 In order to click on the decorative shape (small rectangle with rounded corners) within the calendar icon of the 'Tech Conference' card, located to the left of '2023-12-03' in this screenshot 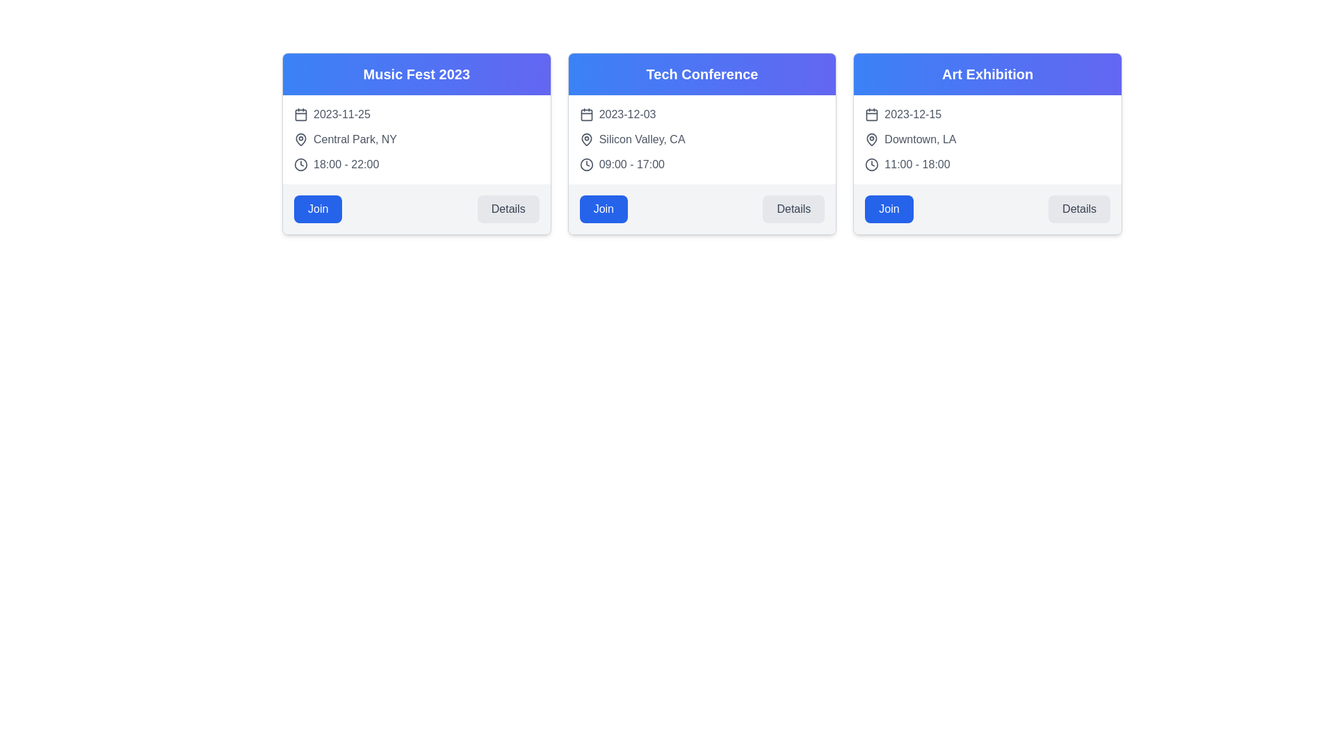, I will do `click(586, 114)`.